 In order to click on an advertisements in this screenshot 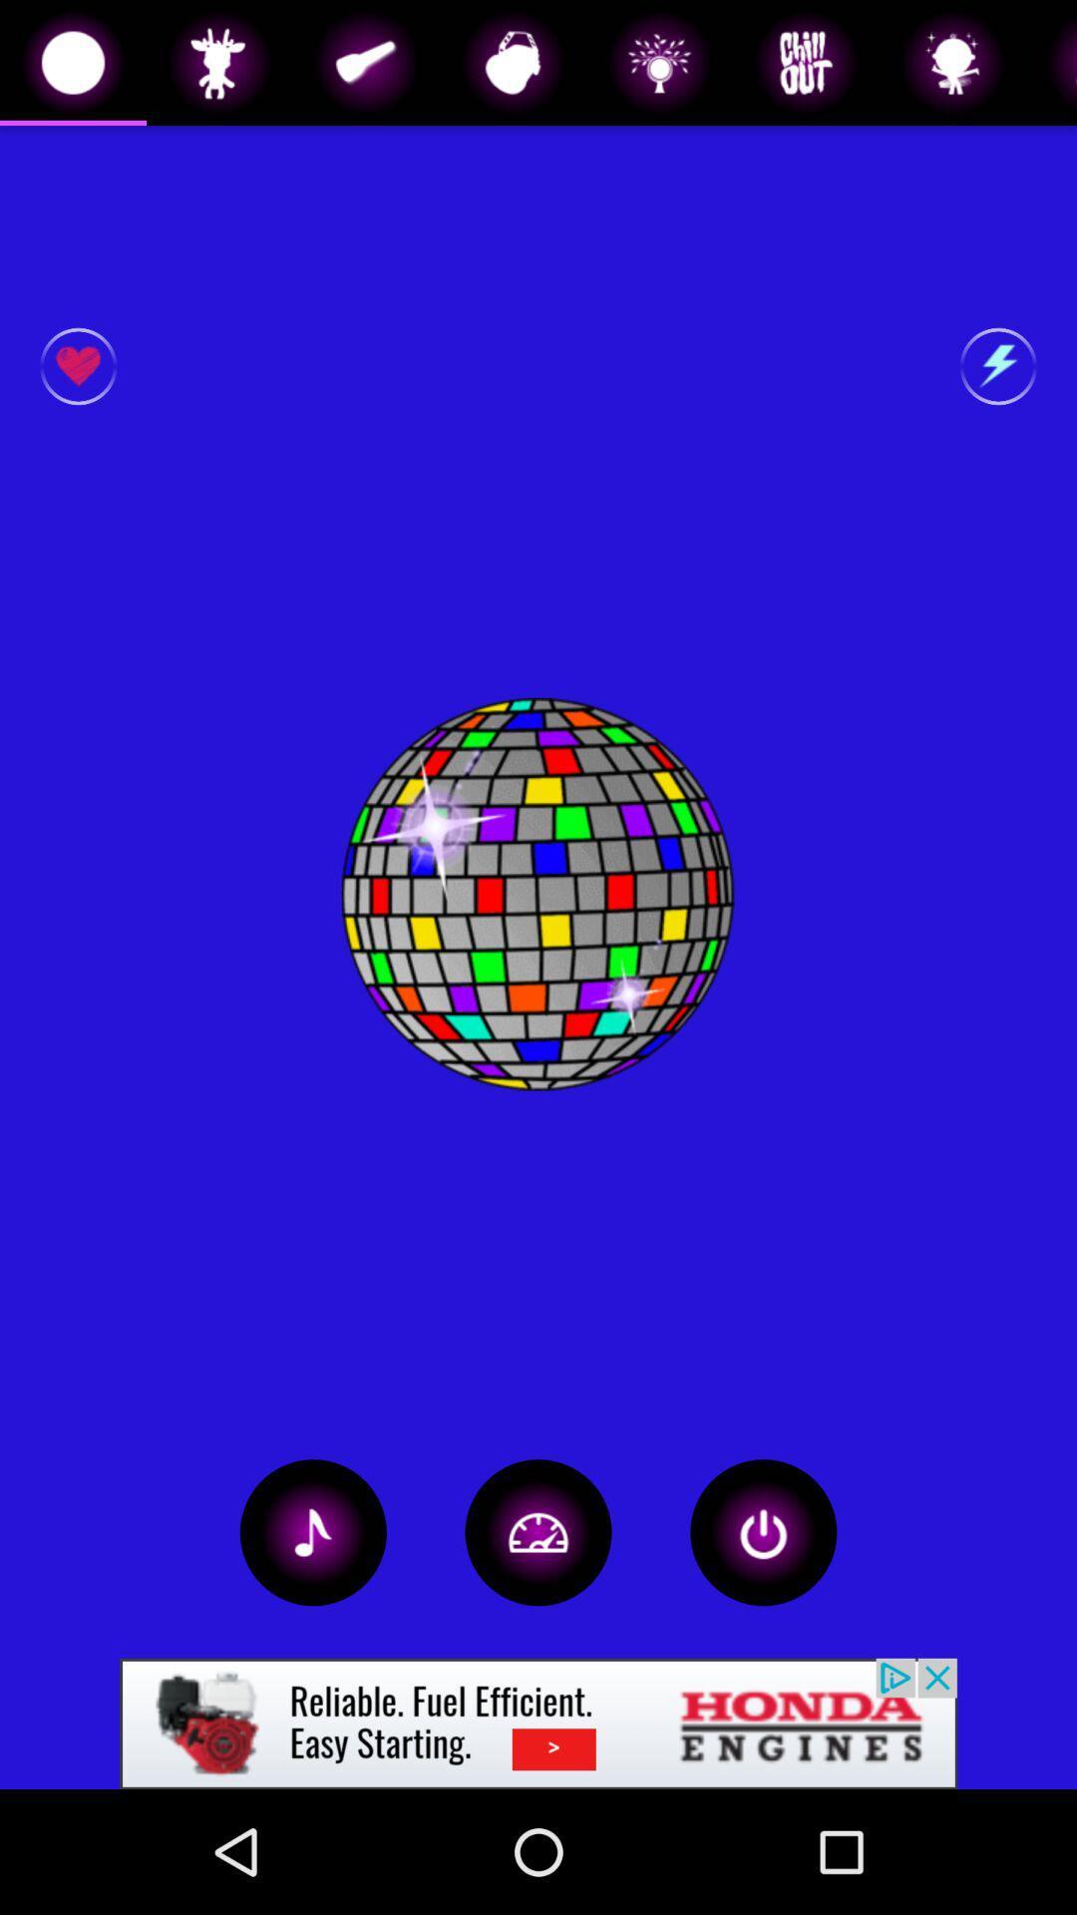, I will do `click(538, 1723)`.